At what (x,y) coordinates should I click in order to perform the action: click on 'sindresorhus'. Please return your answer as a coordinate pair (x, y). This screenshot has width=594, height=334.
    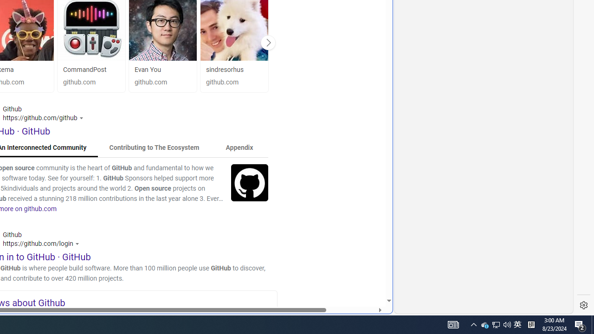
    Looking at the image, I should click on (234, 69).